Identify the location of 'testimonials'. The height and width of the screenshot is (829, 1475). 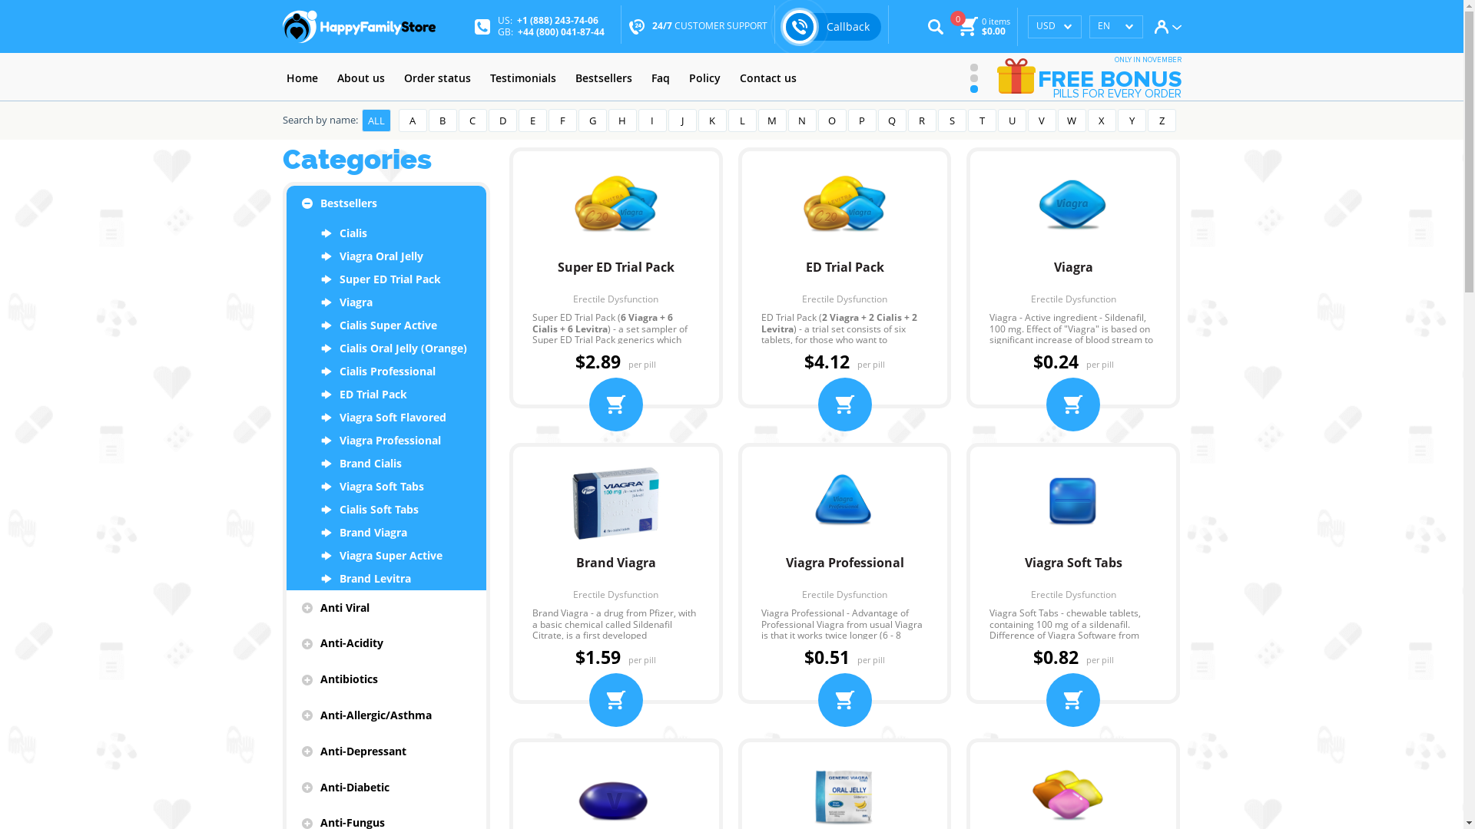
(522, 78).